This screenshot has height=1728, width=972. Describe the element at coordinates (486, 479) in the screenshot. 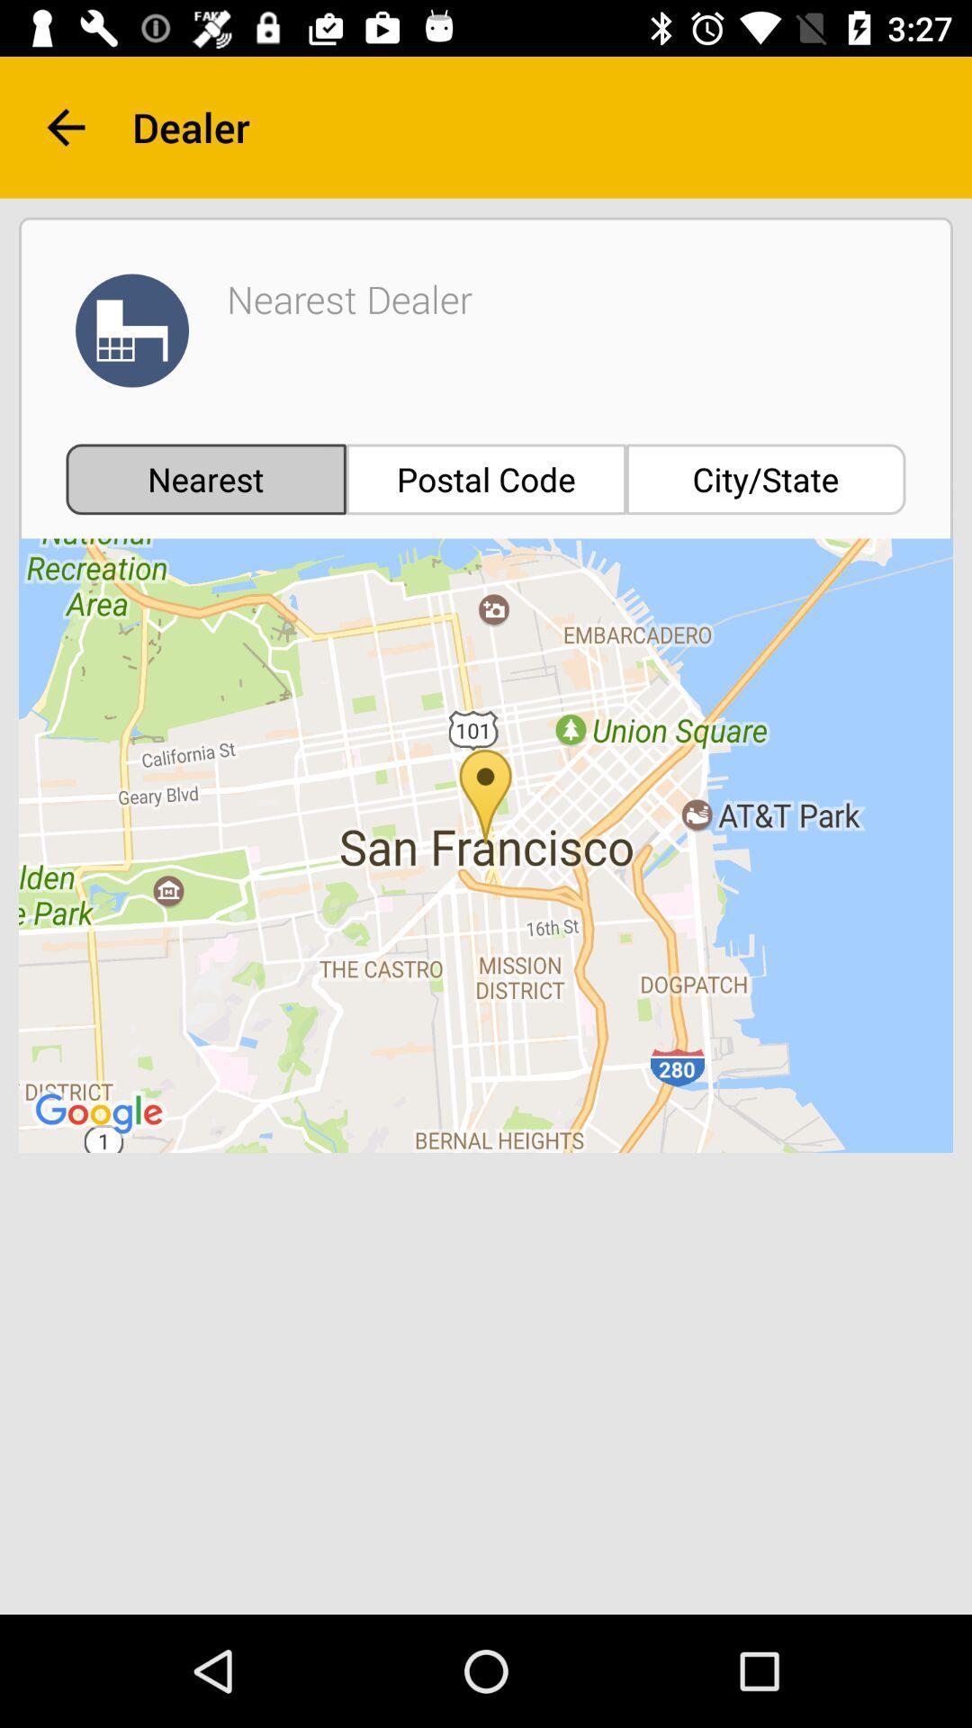

I see `the item to the right of the nearest` at that location.